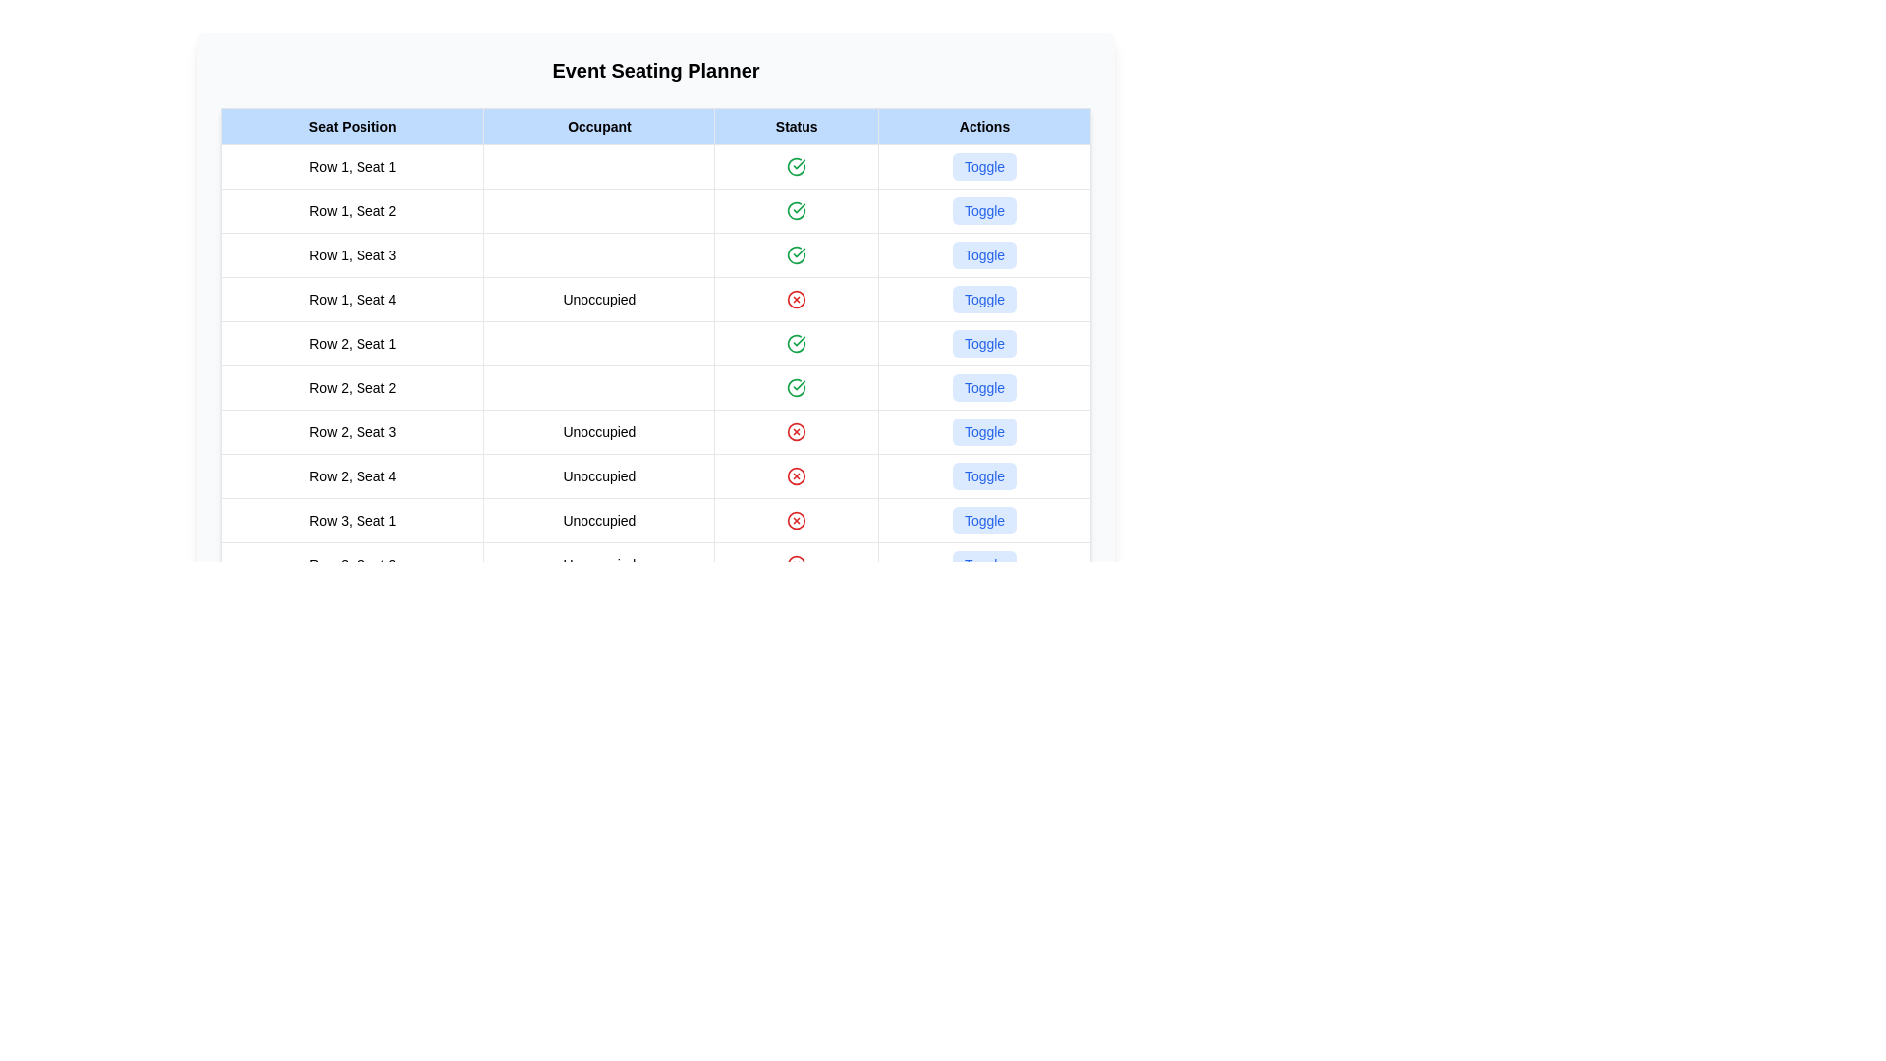 The width and height of the screenshot is (1886, 1061). What do you see at coordinates (598, 126) in the screenshot?
I see `the 'Occupant' table header, which is the second column header in a four-column grid, located between 'Seat Position' and 'Status' headers` at bounding box center [598, 126].